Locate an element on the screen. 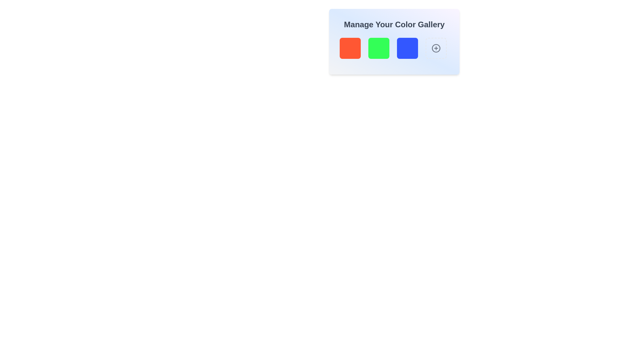  the blue color swatch selection button, which is the third element in a horizontal grid of four squares is located at coordinates (407, 48).